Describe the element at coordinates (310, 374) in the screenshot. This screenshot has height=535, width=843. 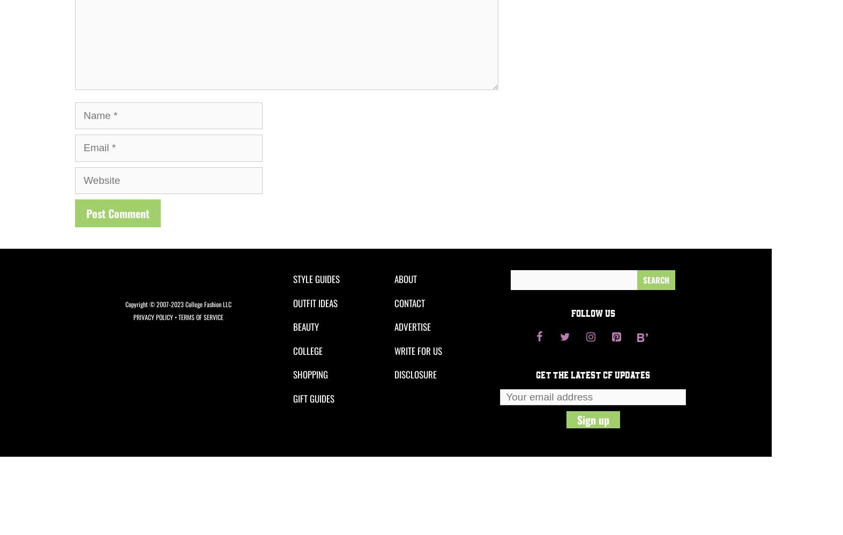
I see `'SHOPPING'` at that location.